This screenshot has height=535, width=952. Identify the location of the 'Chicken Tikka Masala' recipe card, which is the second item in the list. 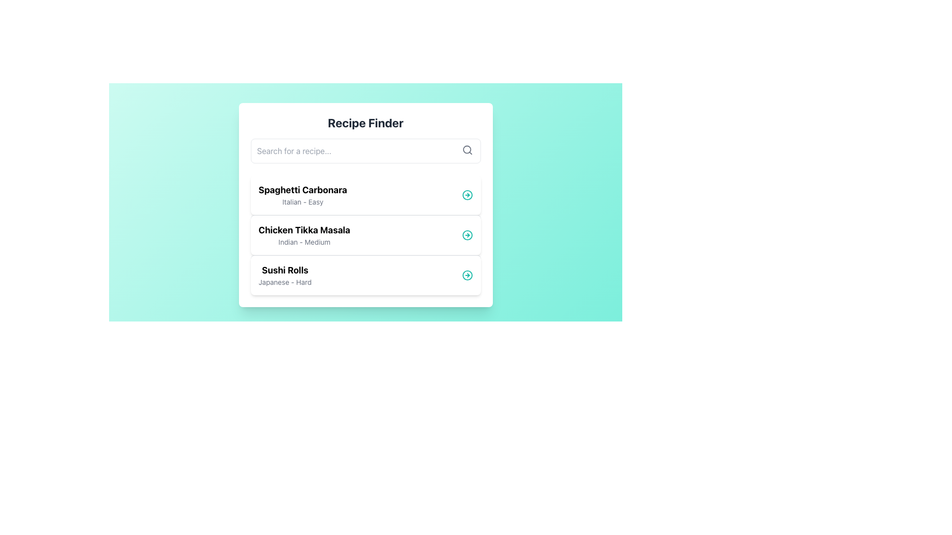
(365, 235).